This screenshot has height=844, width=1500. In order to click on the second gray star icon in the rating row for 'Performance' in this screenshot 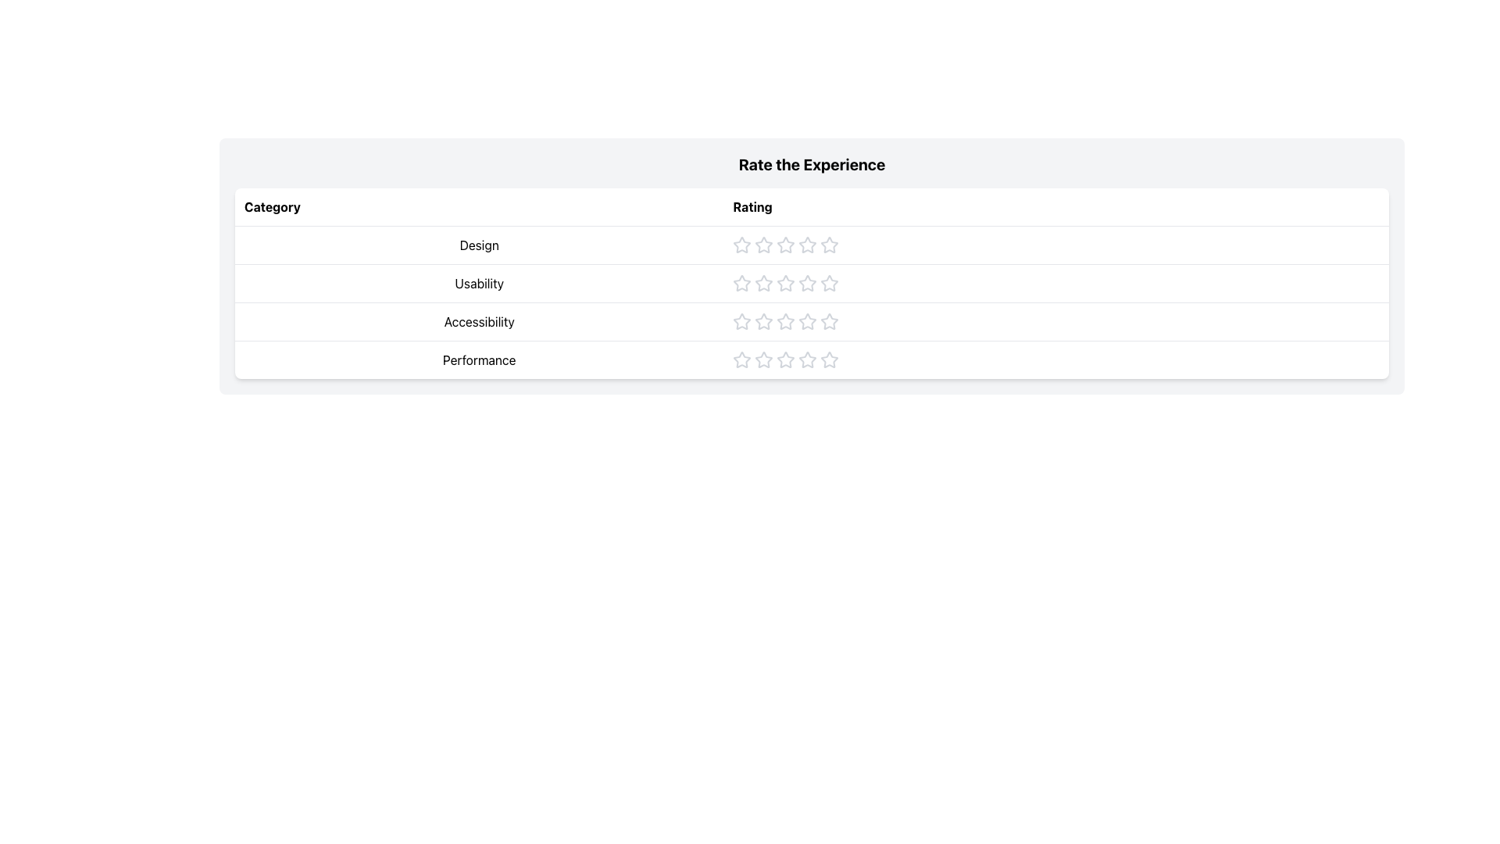, I will do `click(764, 360)`.